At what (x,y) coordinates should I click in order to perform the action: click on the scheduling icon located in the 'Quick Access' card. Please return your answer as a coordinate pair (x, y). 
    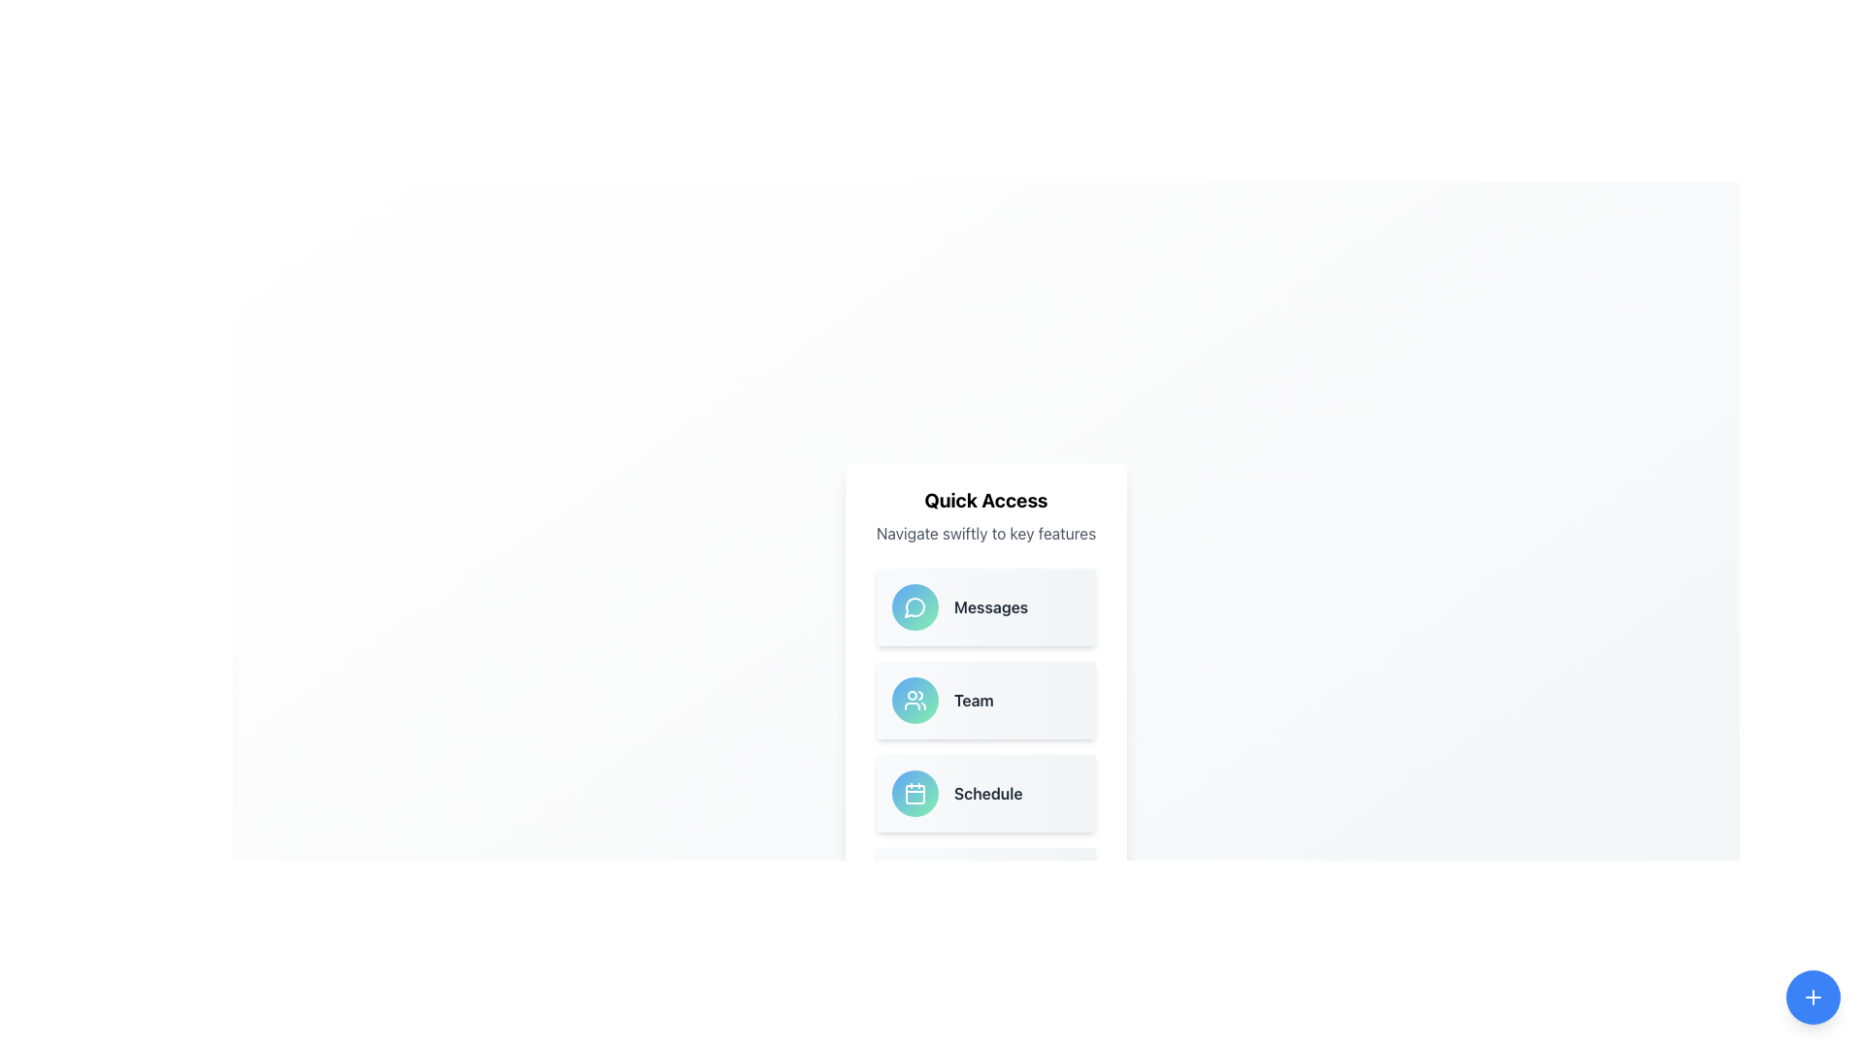
    Looking at the image, I should click on (914, 793).